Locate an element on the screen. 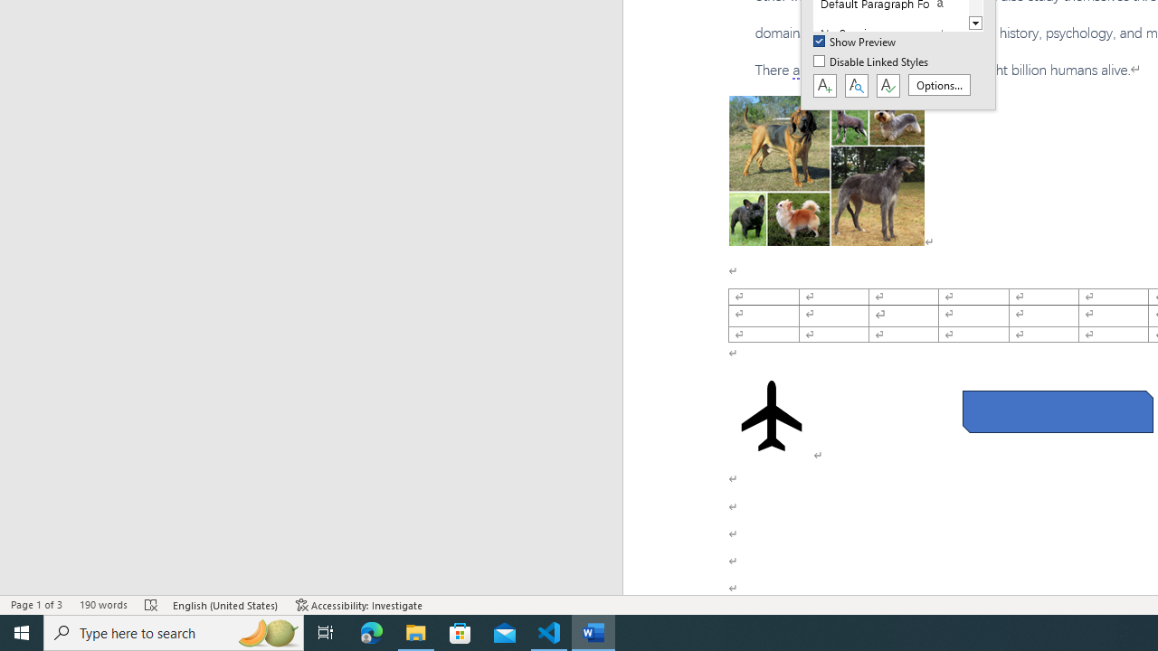  'Class: NetUIButton' is located at coordinates (887, 86).